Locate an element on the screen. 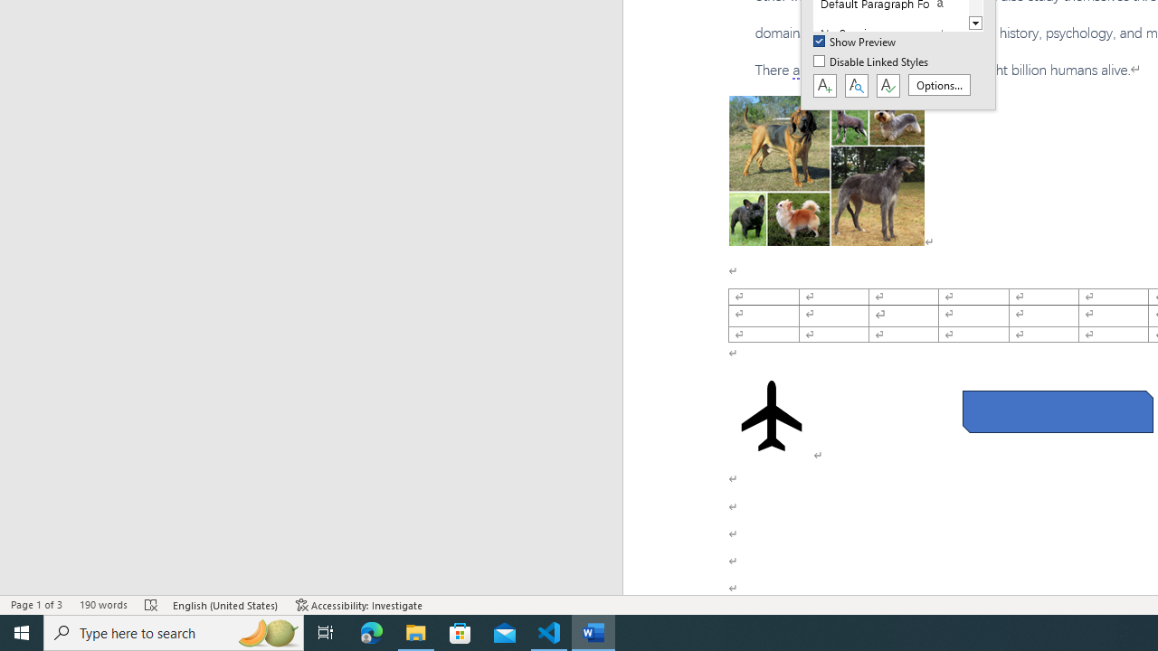  'Class: NetUIButton' is located at coordinates (887, 86).